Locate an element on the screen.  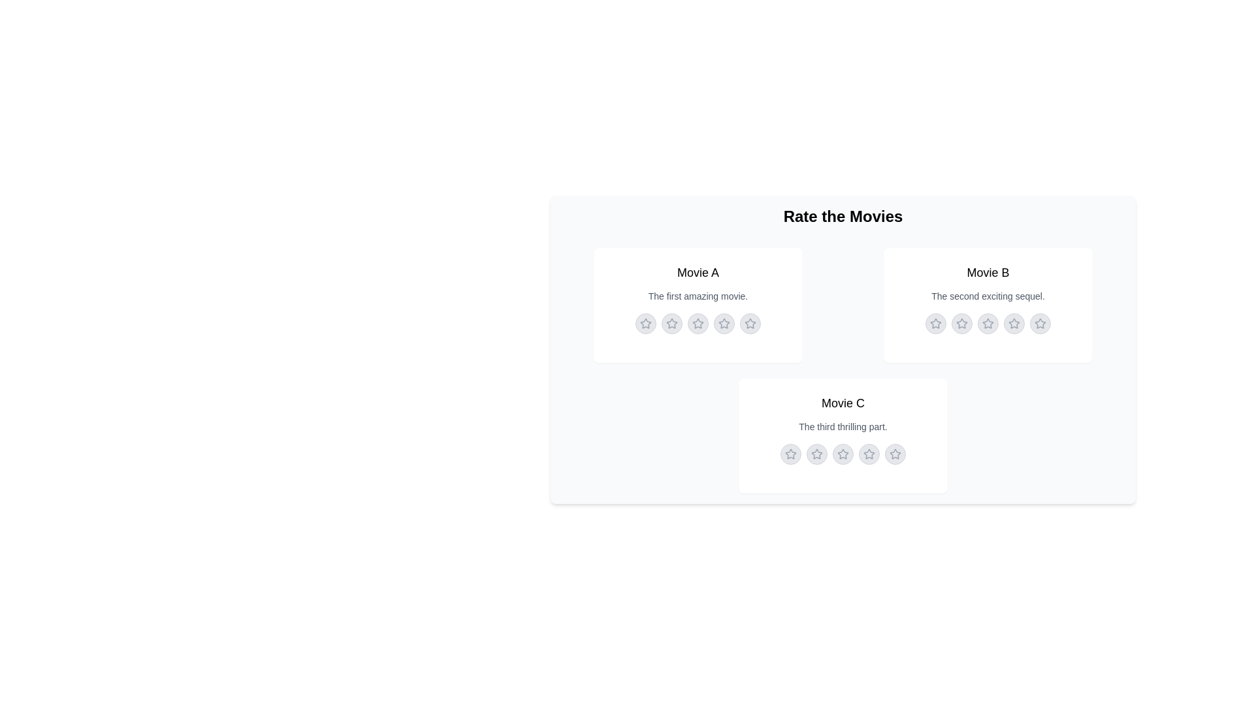
the first star of the rating component located below the description of 'Movie A' is located at coordinates (645, 323).